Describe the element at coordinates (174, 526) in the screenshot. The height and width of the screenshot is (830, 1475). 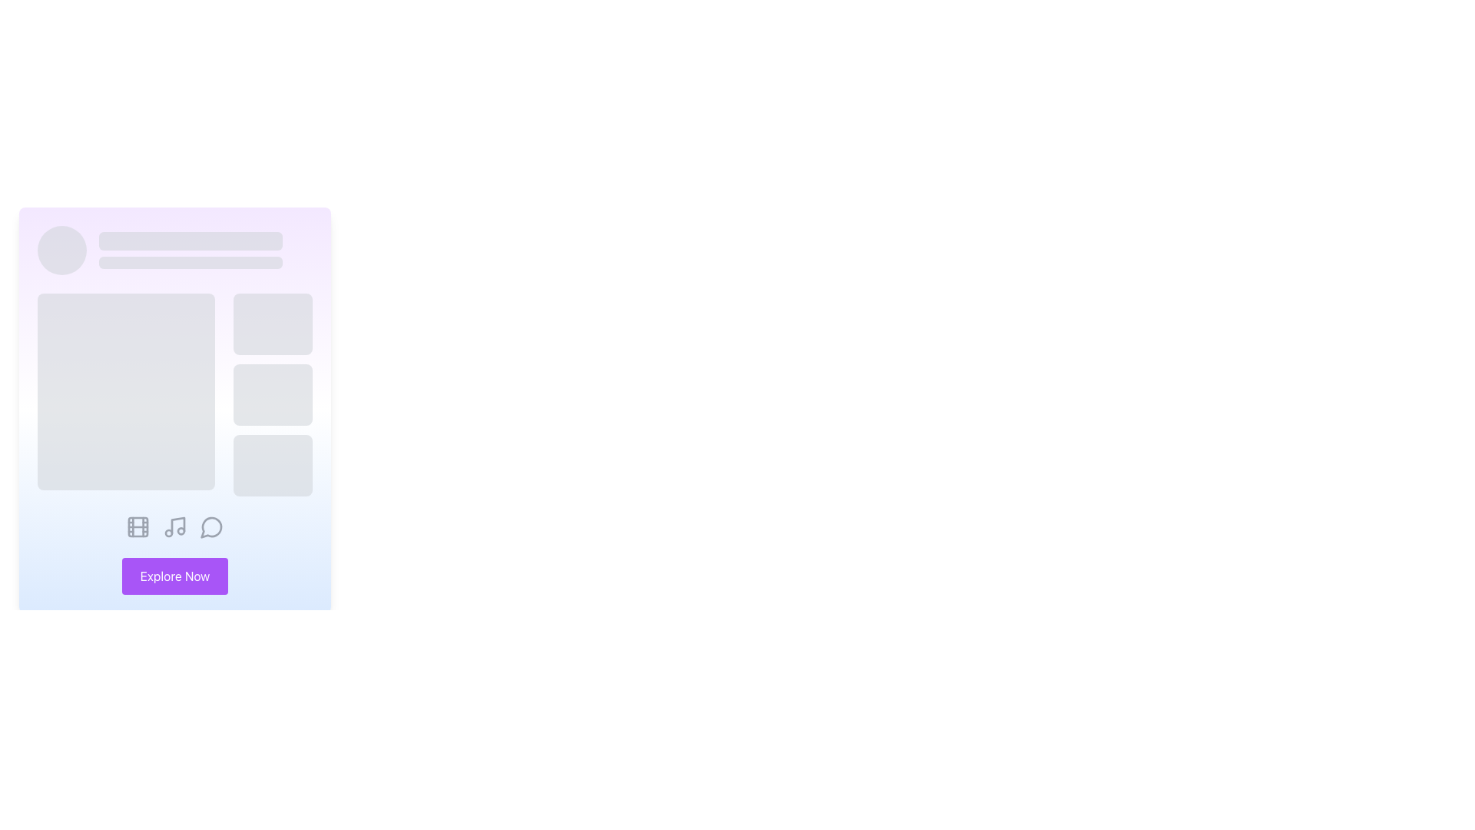
I see `the music or audio content navigation icon located in the center of the bottom navigation bar` at that location.